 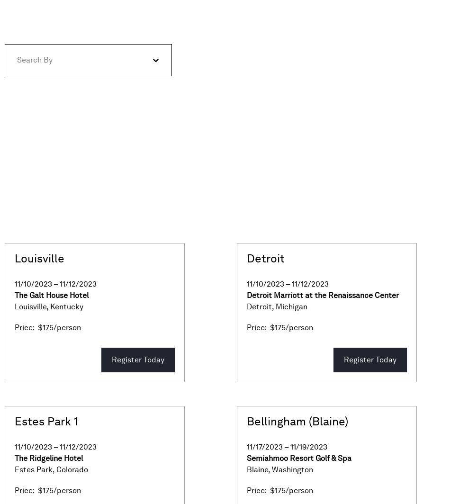 I want to click on 'Semiahmoo Resort Golf & Spa', so click(x=299, y=458).